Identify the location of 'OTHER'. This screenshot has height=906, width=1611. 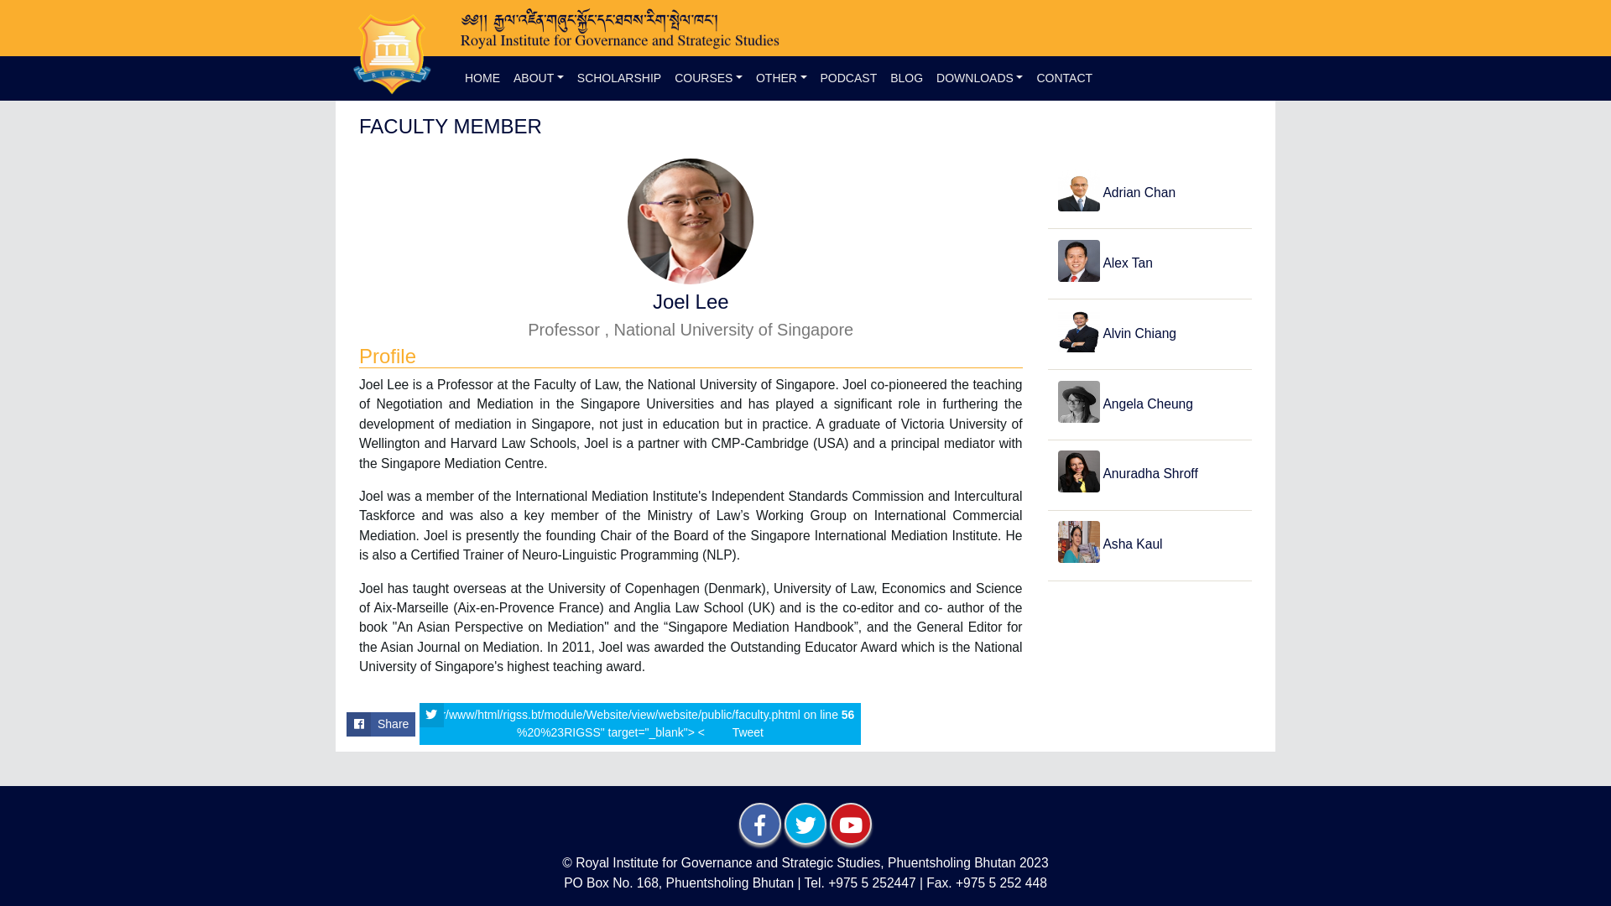
(780, 78).